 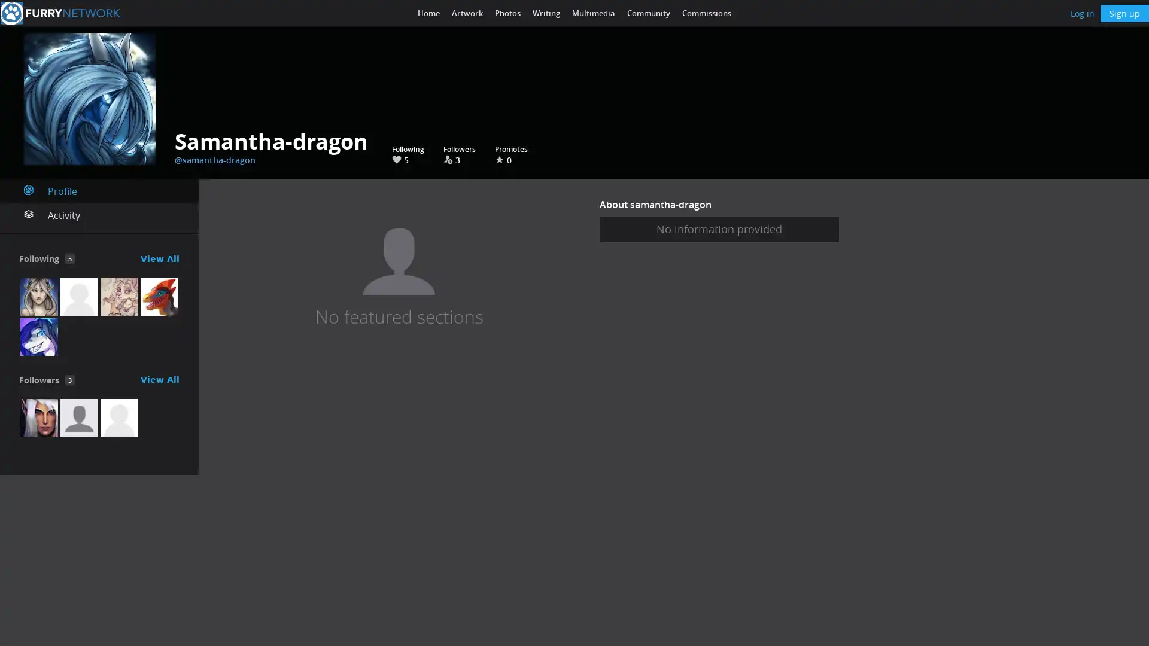 I want to click on View All, so click(x=159, y=258).